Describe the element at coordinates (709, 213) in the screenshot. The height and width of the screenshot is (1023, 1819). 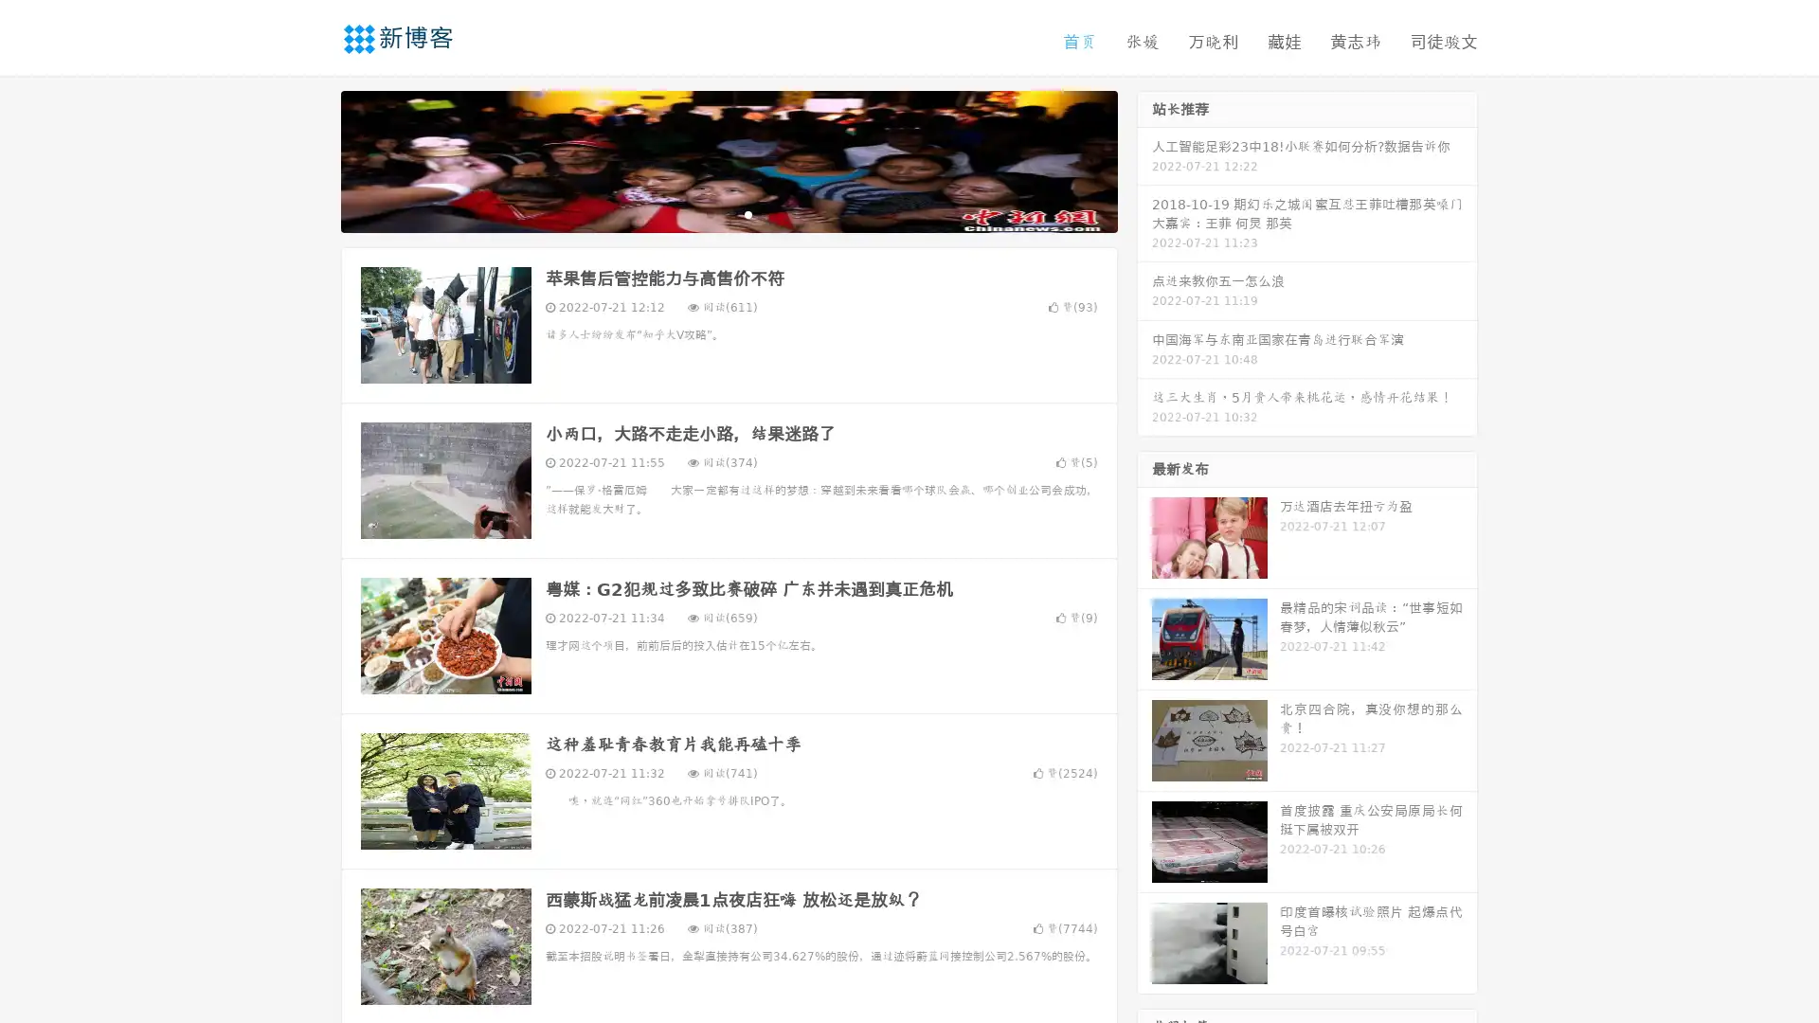
I see `Go to slide 1` at that location.